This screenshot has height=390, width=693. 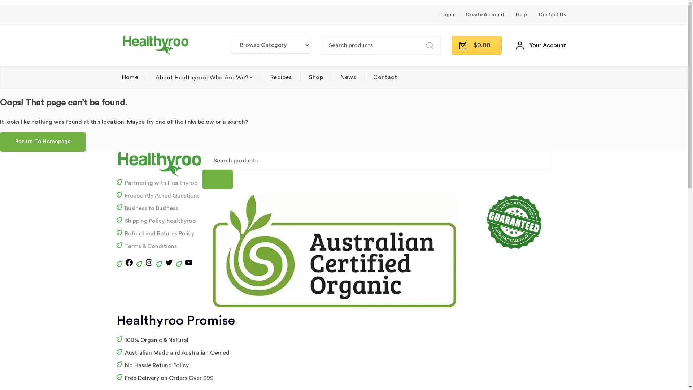 What do you see at coordinates (552, 15) in the screenshot?
I see `'Contact Us'` at bounding box center [552, 15].